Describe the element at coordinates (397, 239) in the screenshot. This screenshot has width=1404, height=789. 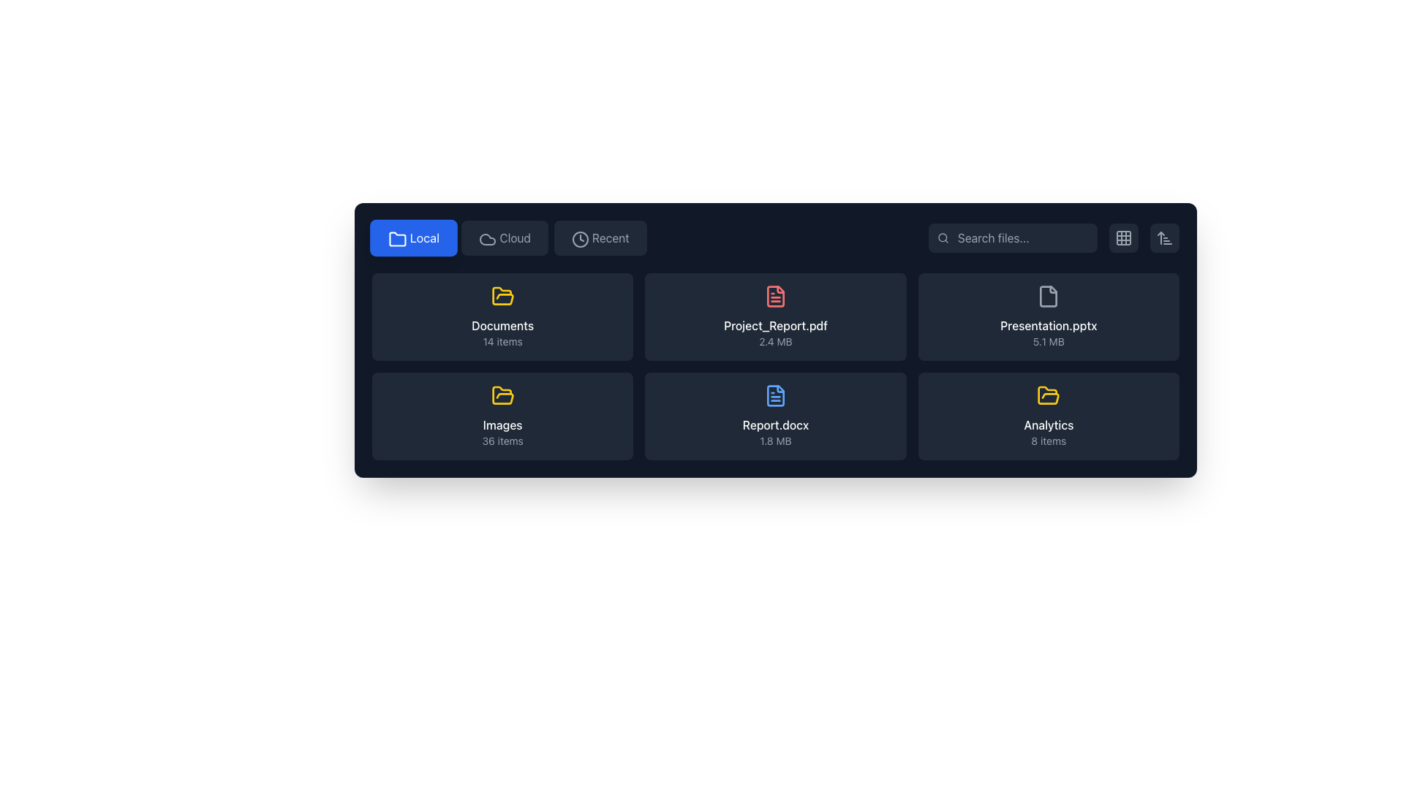
I see `the folder icon, which is a yellow outlined folder with a tab at the top, located inside the blue 'Local' button` at that location.